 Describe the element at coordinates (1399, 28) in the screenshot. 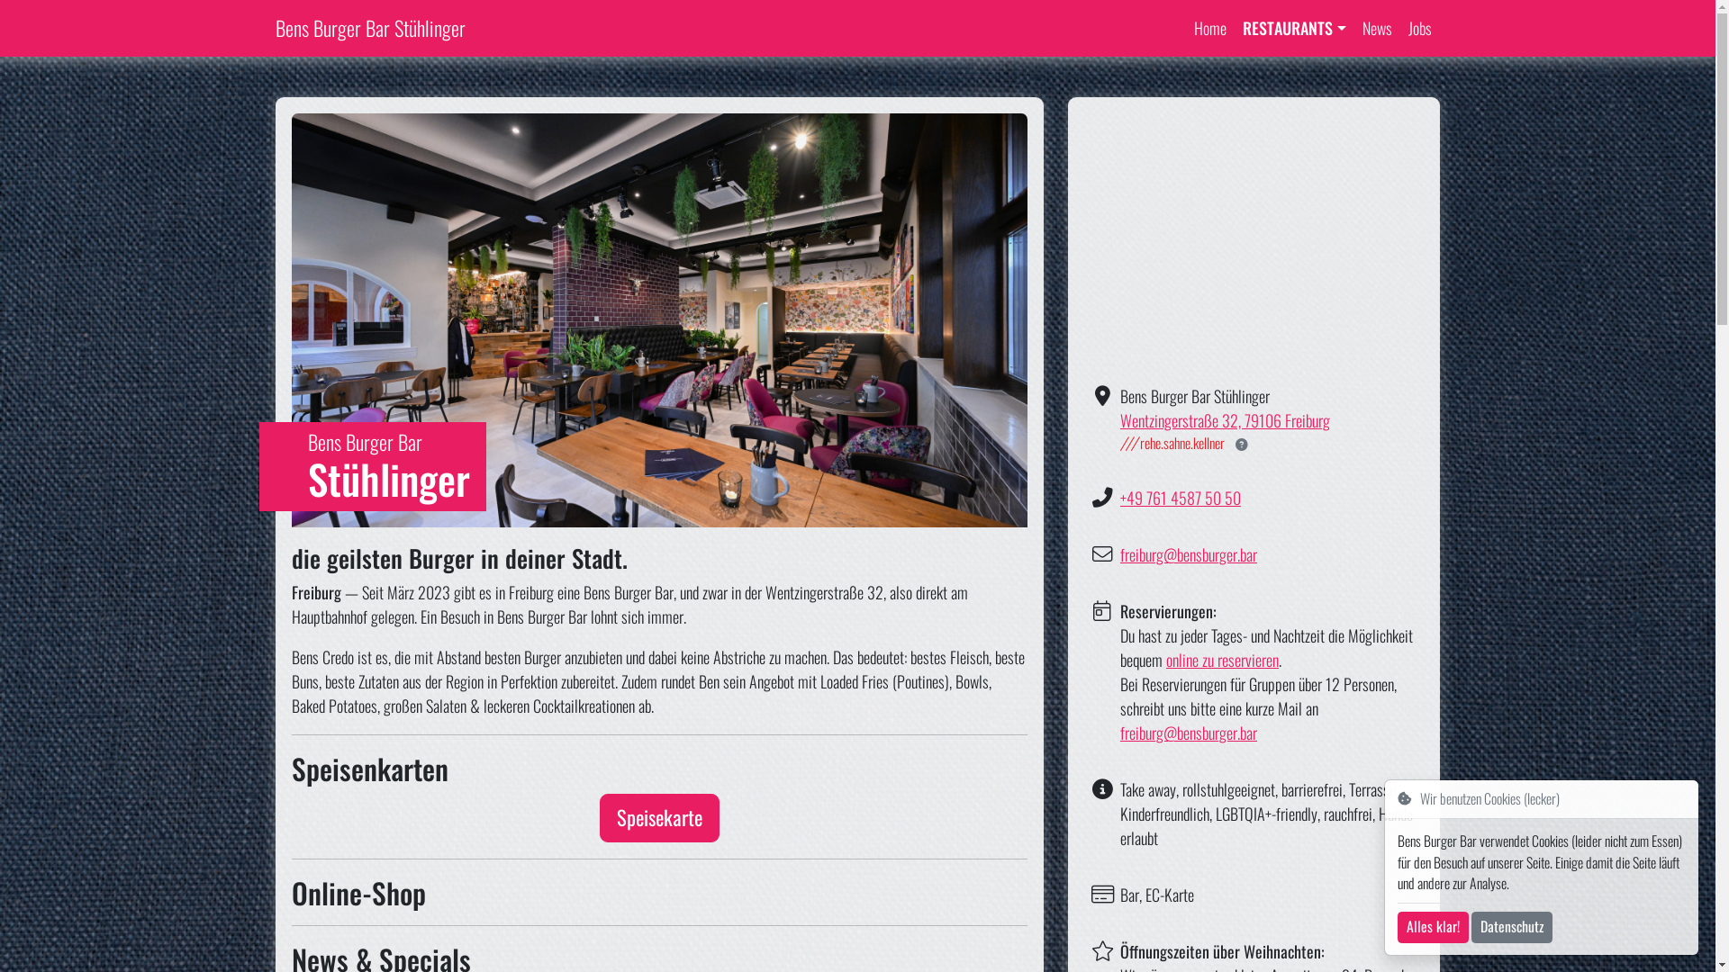

I see `'Jobs'` at that location.